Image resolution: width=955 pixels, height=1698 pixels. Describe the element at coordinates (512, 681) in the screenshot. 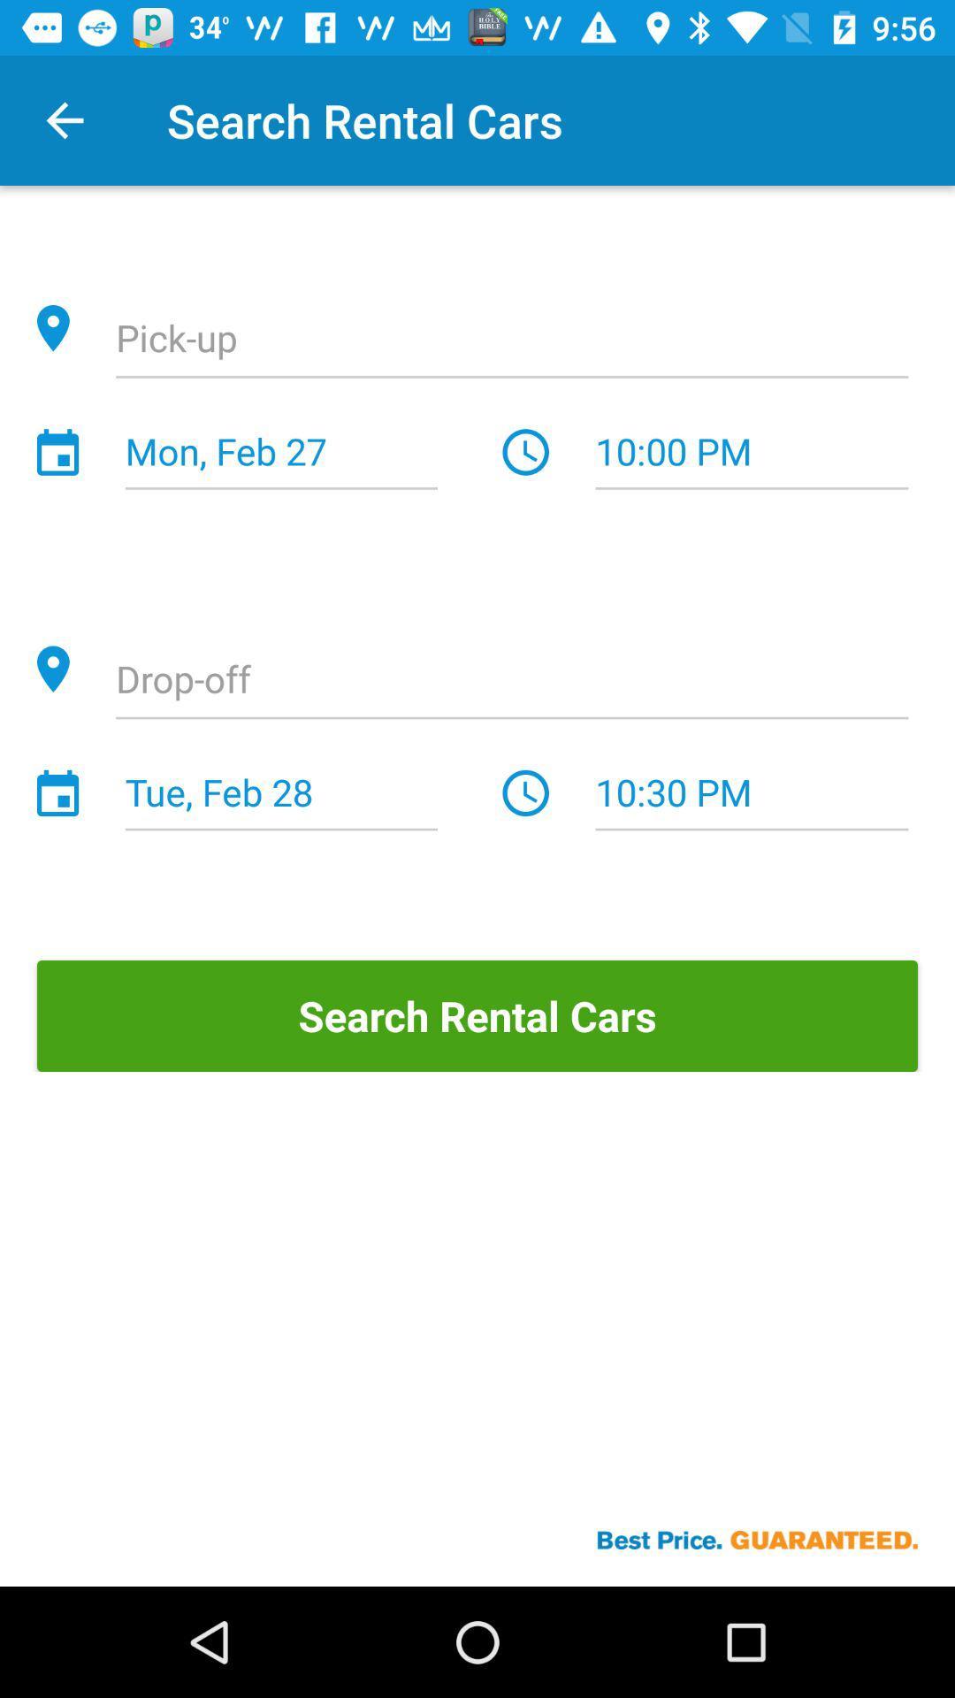

I see `drop off` at that location.